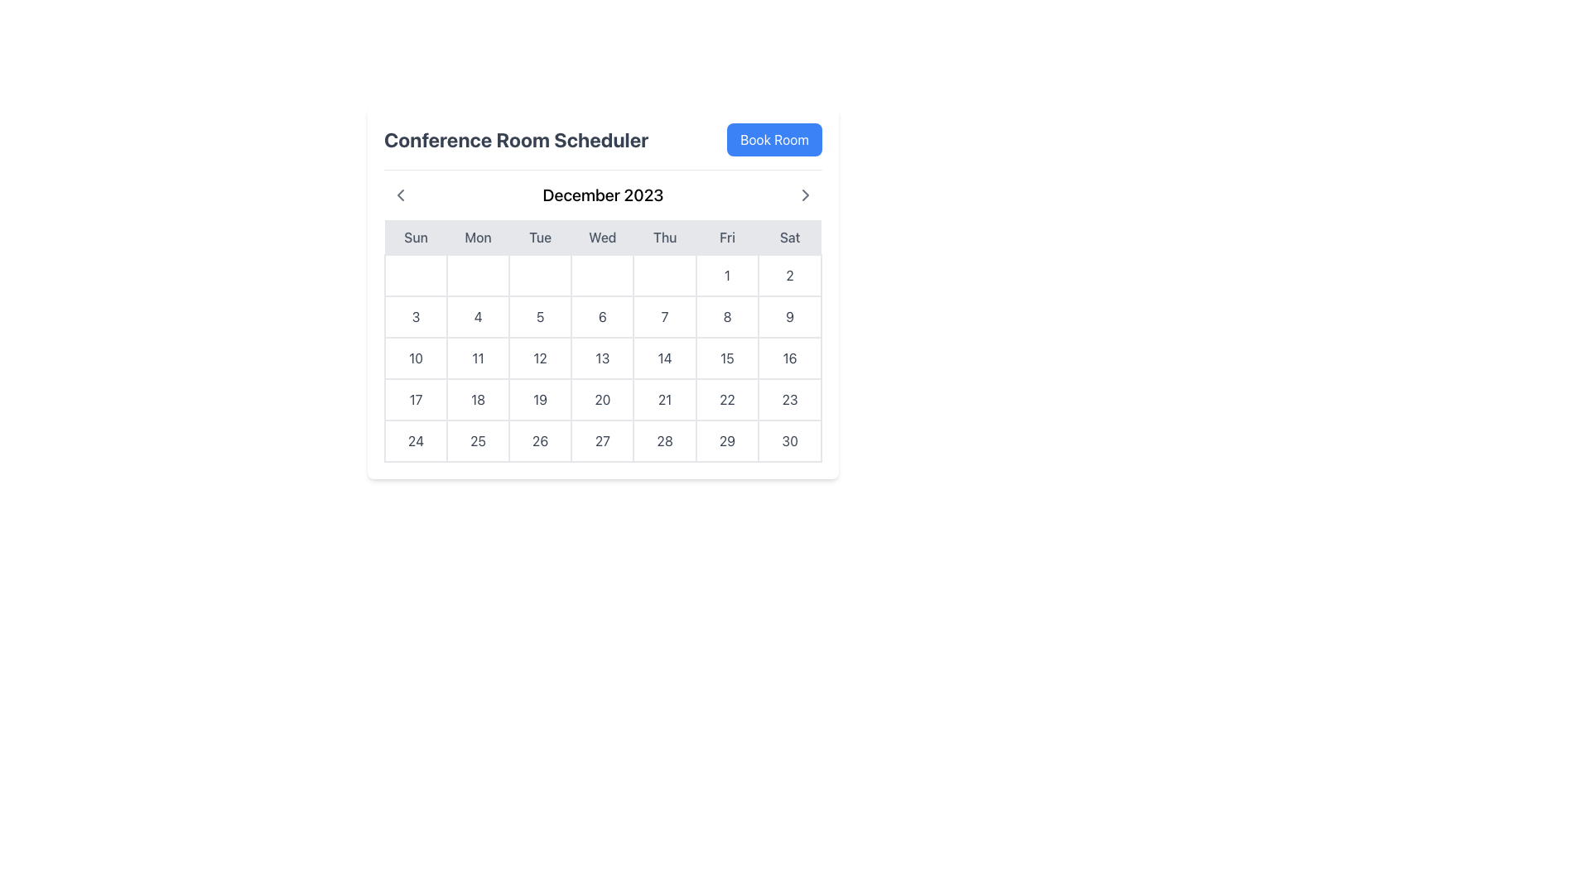 This screenshot has height=894, width=1590. I want to click on the calendar date indicator displaying the number '19' to observe the hover effect, so click(540, 399).